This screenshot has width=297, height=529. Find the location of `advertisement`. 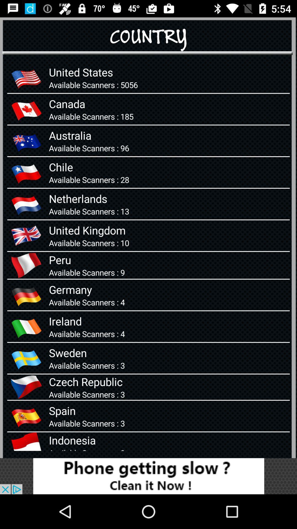

advertisement is located at coordinates (148, 476).